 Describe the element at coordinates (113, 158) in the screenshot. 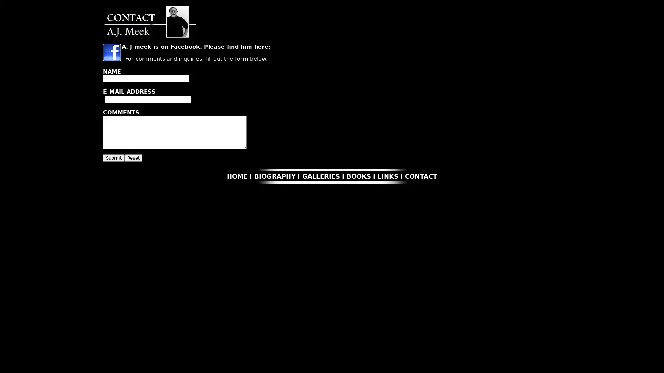

I see `Submit` at that location.